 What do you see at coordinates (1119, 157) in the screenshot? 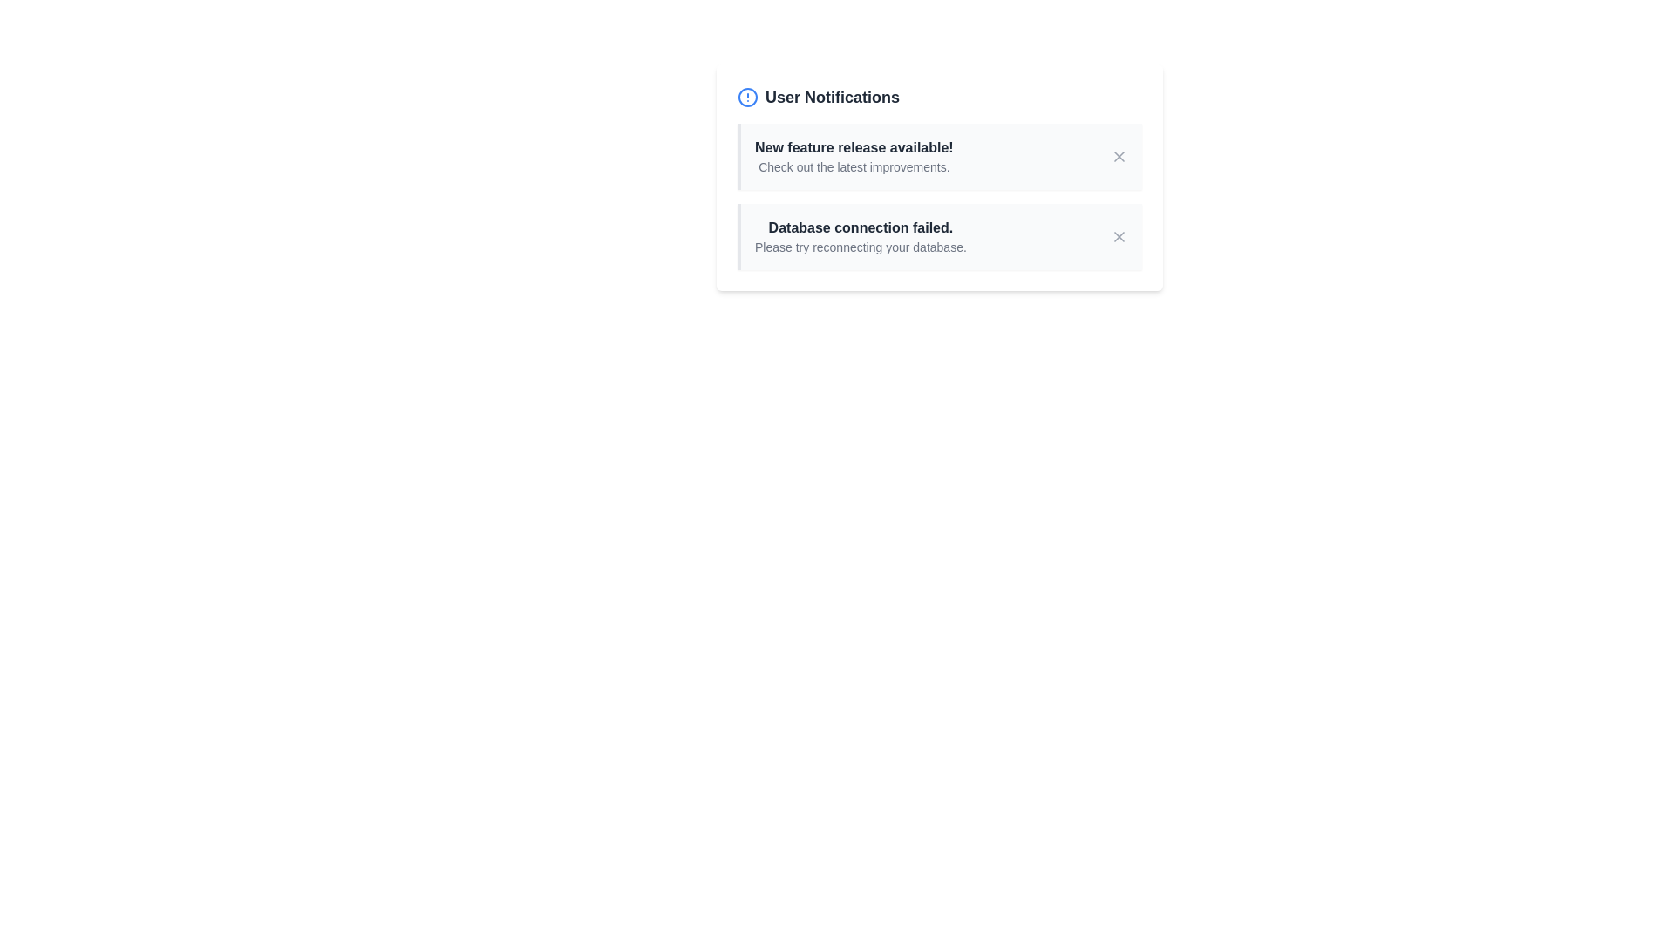
I see `the dismiss button located at the right edge of the notification card for the message 'New feature release available! Check out the latest improvements!'` at bounding box center [1119, 157].